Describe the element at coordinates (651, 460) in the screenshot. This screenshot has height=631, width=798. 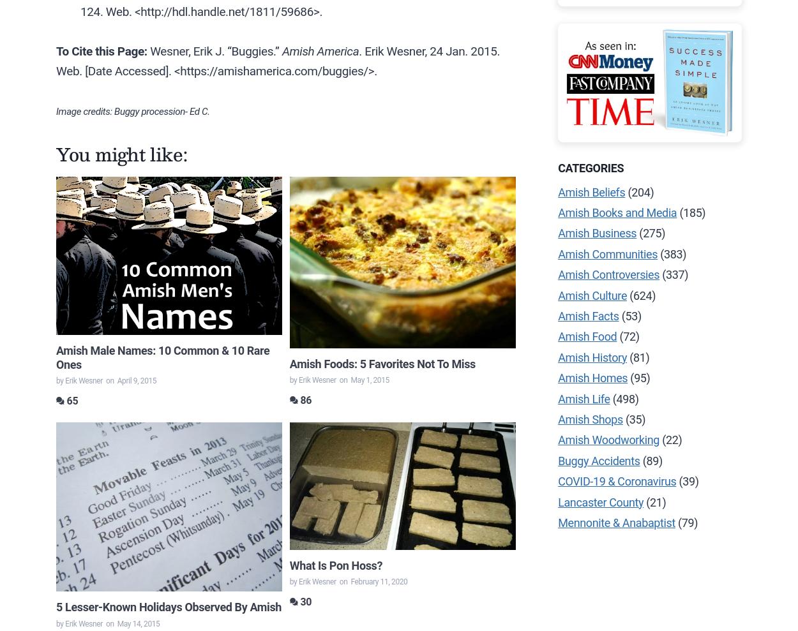
I see `'(89)'` at that location.